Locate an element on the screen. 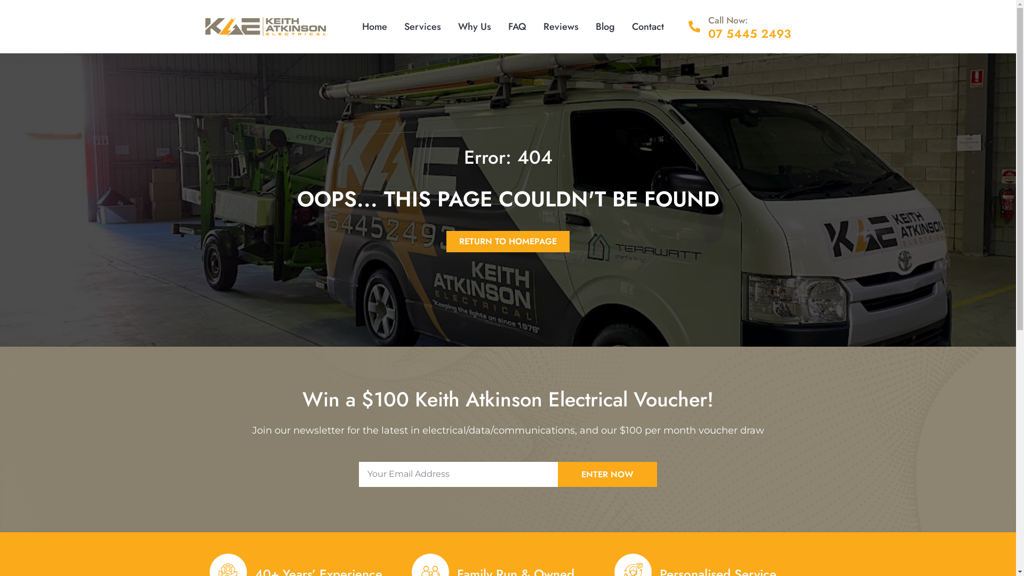 This screenshot has height=576, width=1024. 'Reviews' is located at coordinates (535, 26).